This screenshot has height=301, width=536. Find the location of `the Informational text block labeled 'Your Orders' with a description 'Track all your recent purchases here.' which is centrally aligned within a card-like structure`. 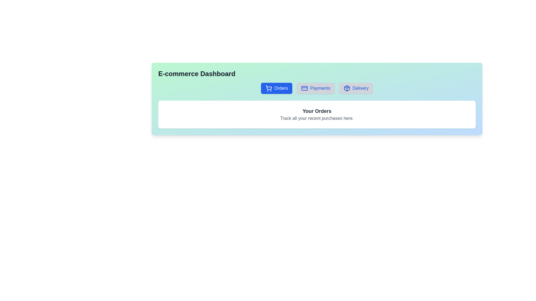

the Informational text block labeled 'Your Orders' with a description 'Track all your recent purchases here.' which is centrally aligned within a card-like structure is located at coordinates (317, 114).